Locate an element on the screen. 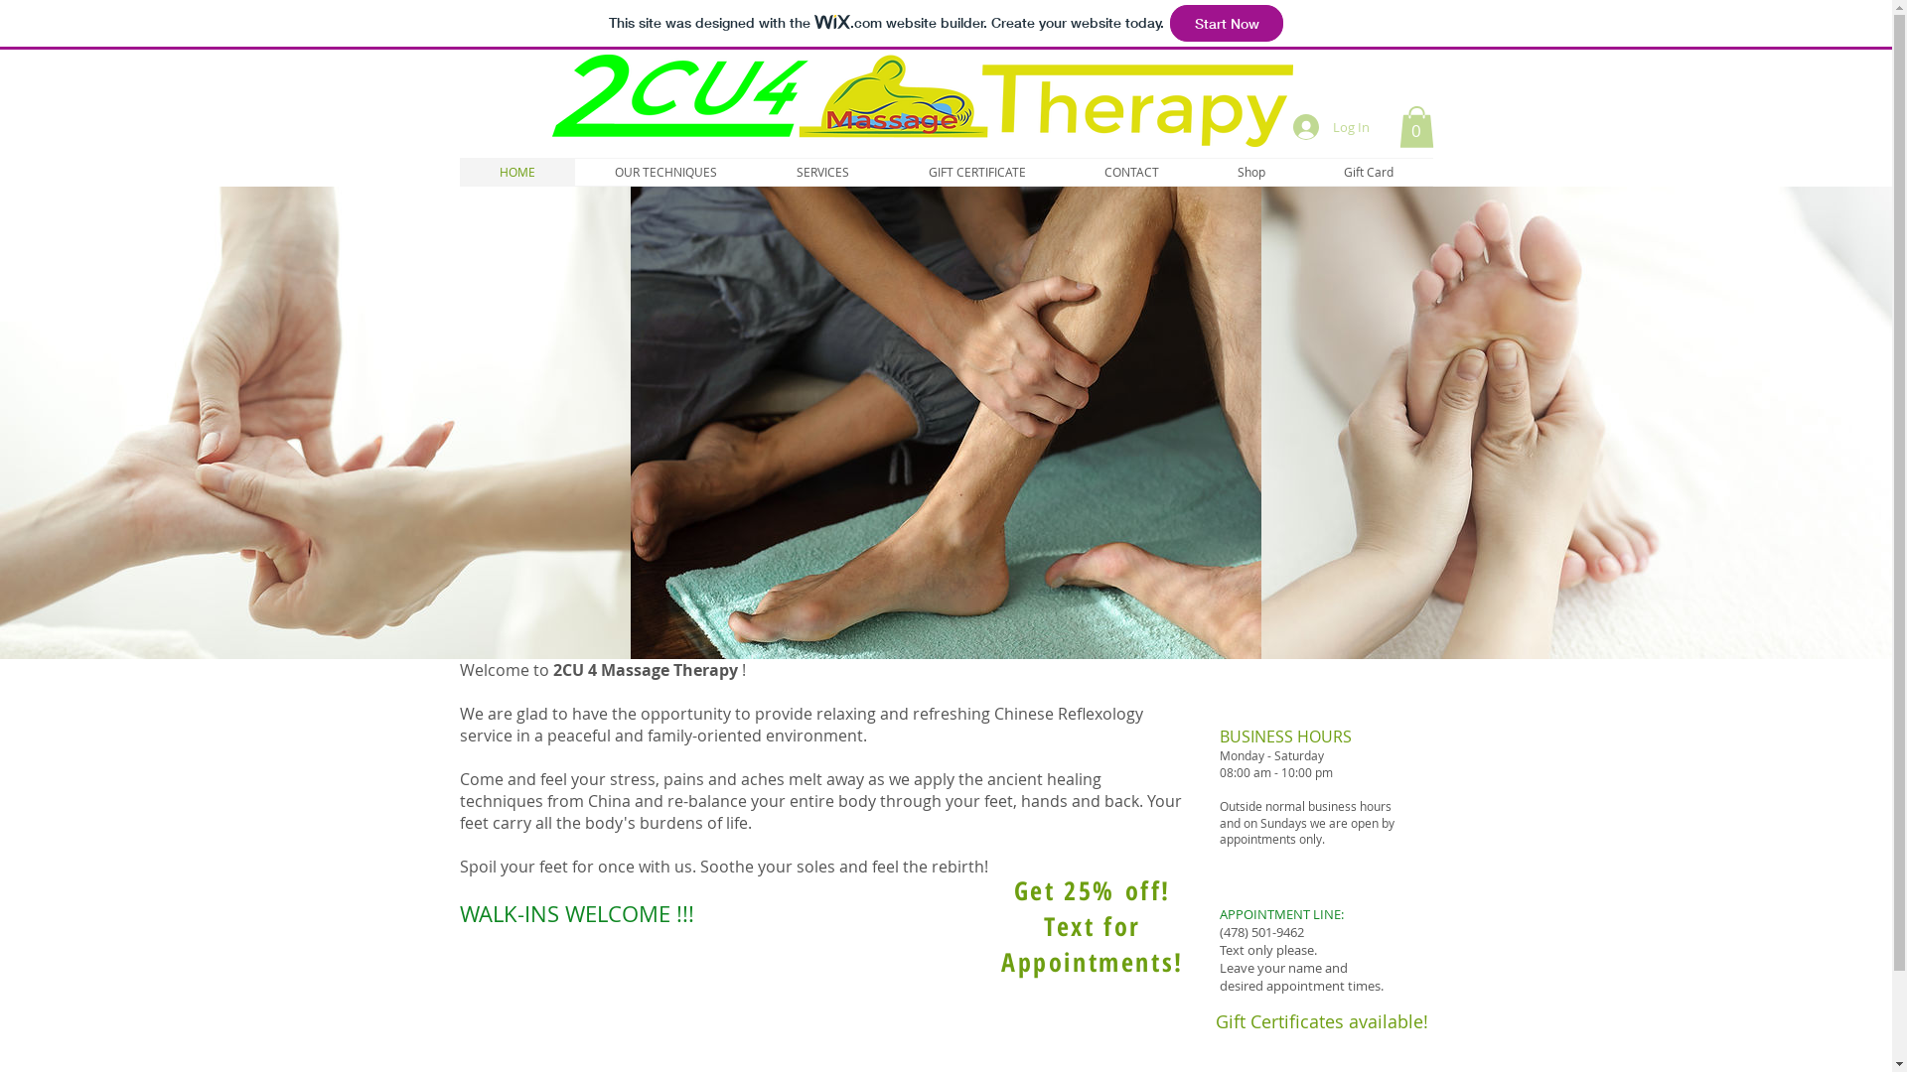 Image resolution: width=1907 pixels, height=1072 pixels. 'CONTACT' is located at coordinates (1130, 171).